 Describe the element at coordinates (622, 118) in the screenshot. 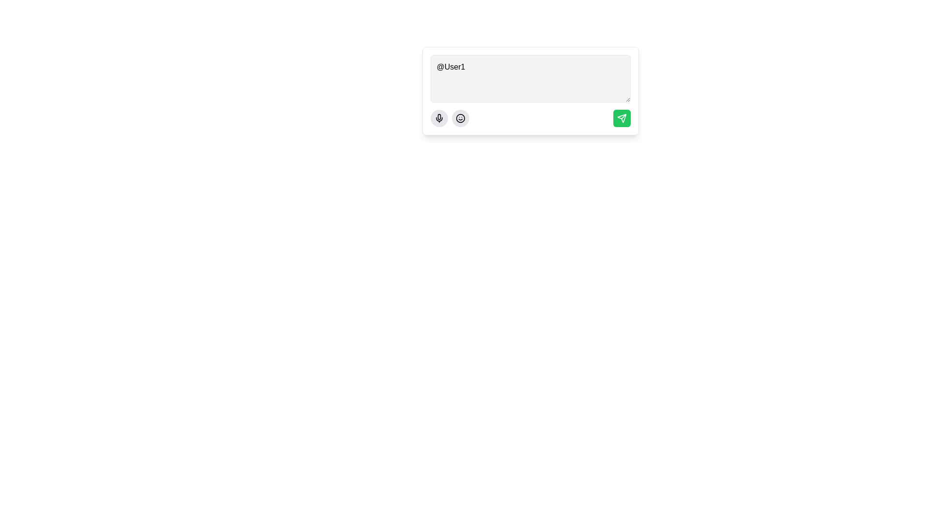

I see `the triangular arrow icon with a green background located in the bottom-right corner of the text input box` at that location.